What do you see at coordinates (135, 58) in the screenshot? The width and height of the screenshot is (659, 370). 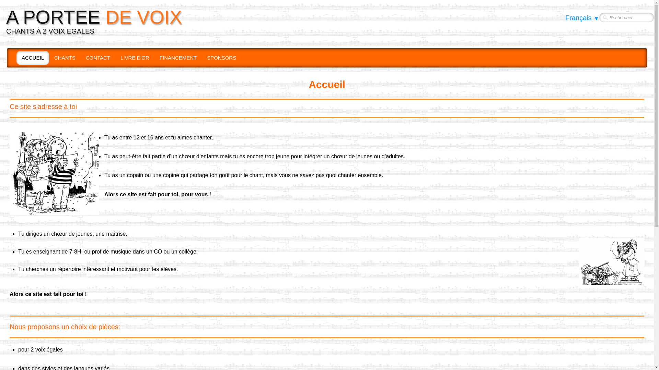 I see `'LIVRE D'OR'` at bounding box center [135, 58].